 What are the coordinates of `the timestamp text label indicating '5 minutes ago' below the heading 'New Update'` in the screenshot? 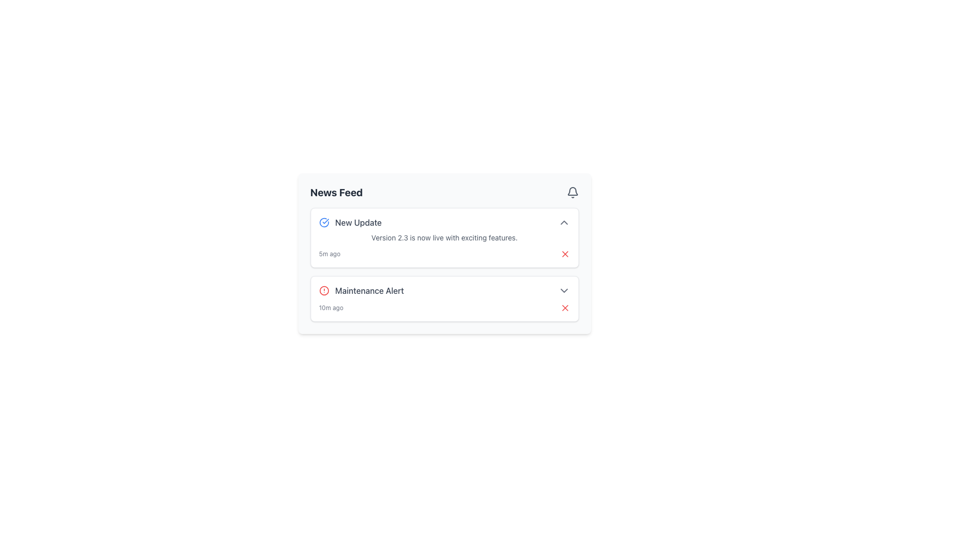 It's located at (329, 254).